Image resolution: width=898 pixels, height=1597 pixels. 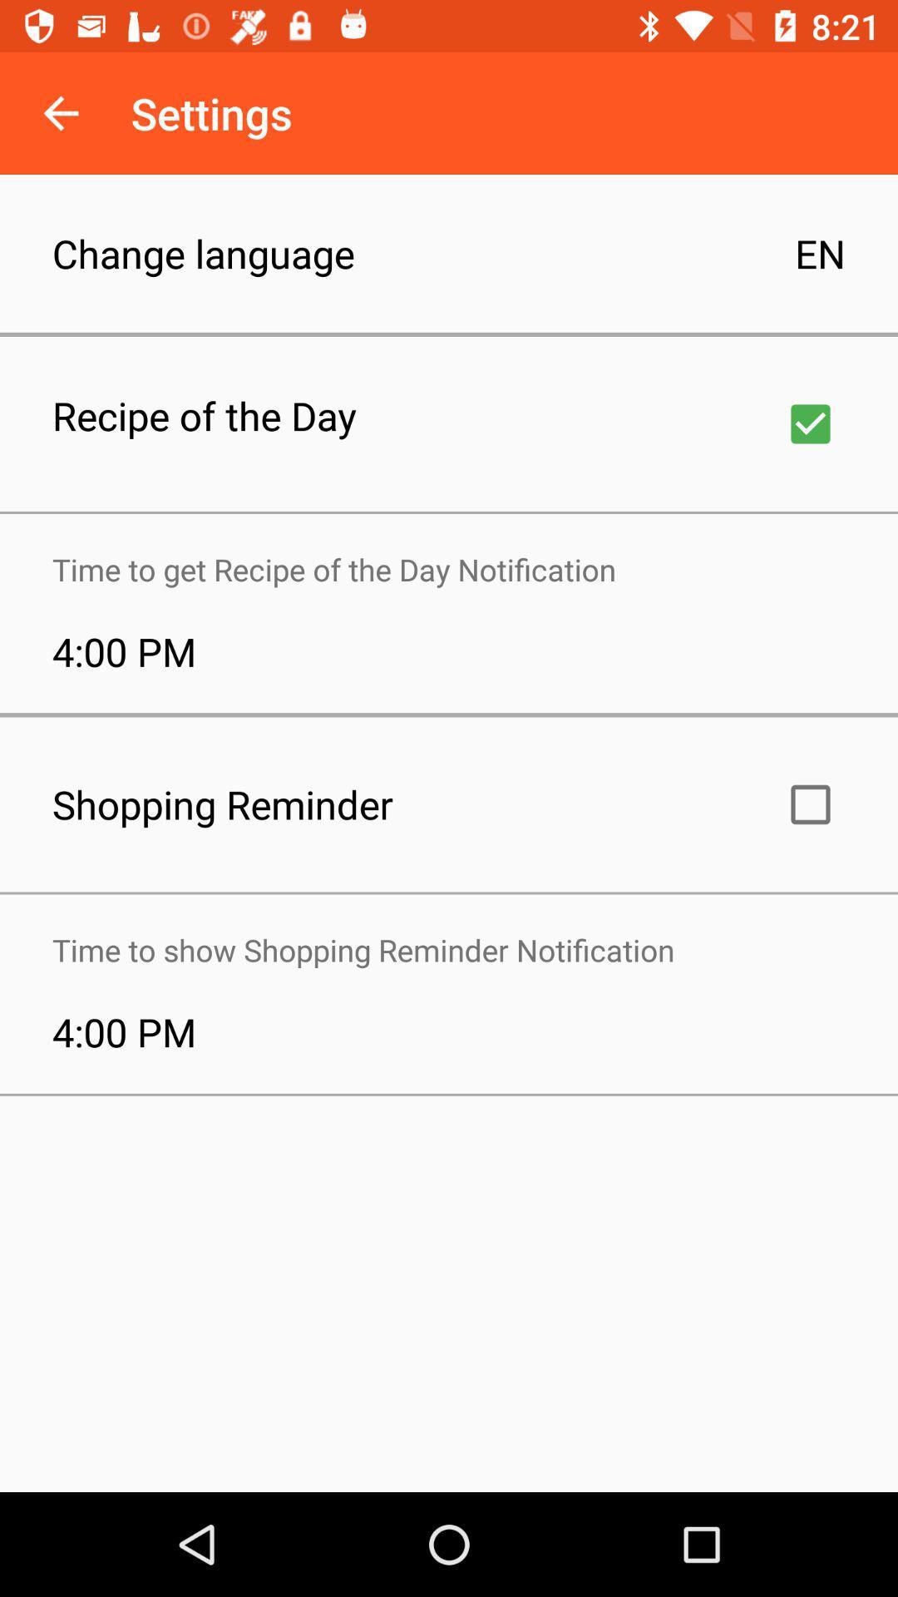 I want to click on the app next to the settings app, so click(x=60, y=112).